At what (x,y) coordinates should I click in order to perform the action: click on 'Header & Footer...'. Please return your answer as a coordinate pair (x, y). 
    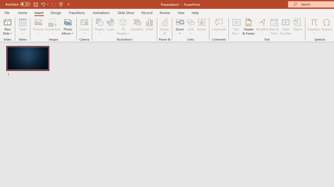
    Looking at the image, I should click on (248, 27).